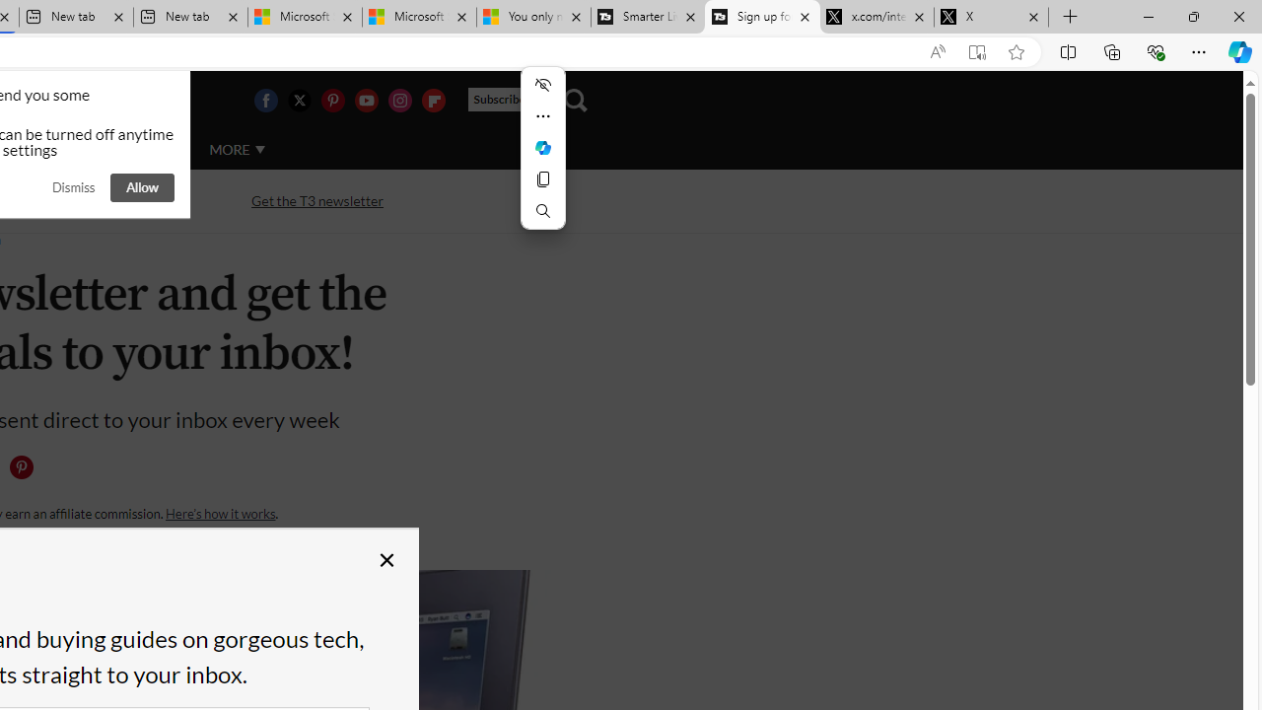  Describe the element at coordinates (150, 148) in the screenshot. I see `'AUTO'` at that location.